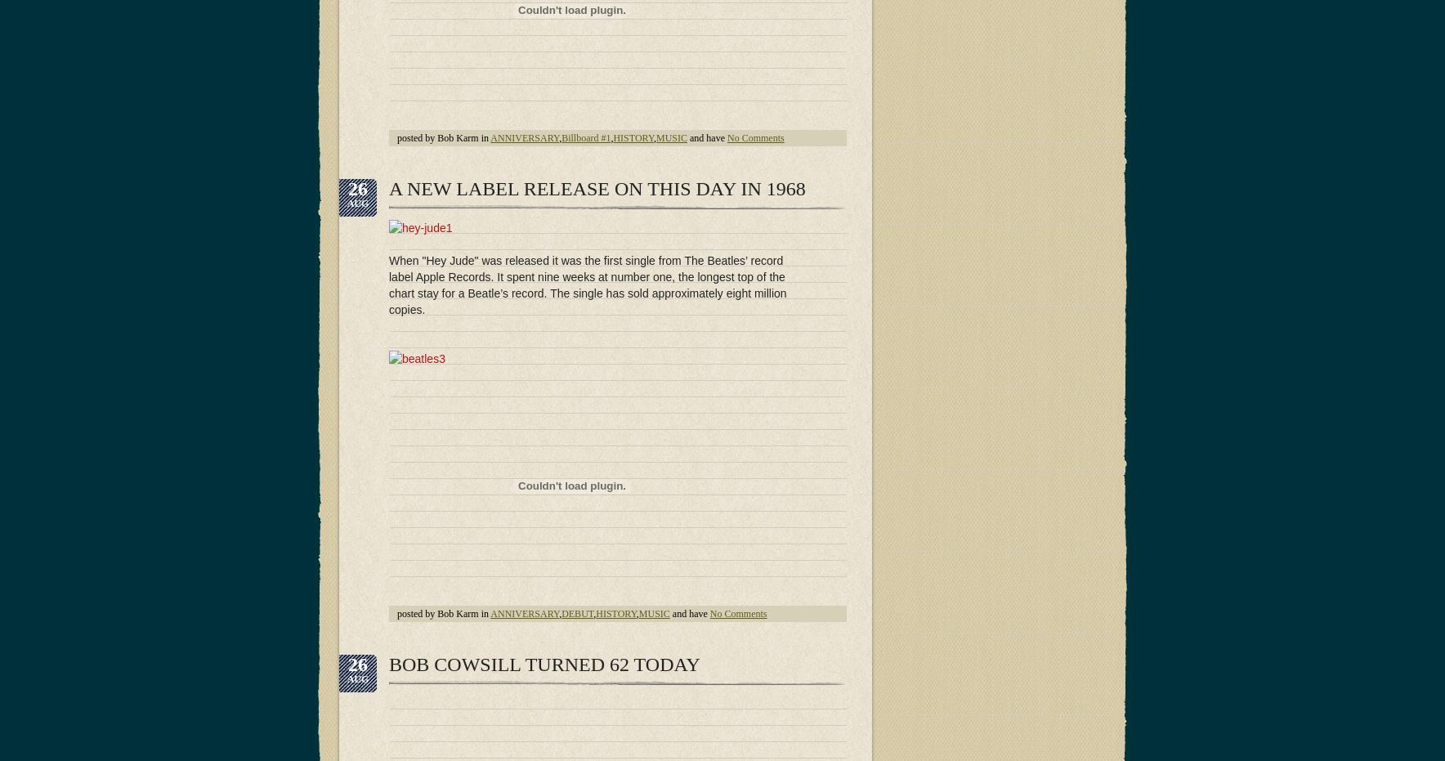 This screenshot has width=1445, height=761. I want to click on 'Billboard #1', so click(585, 137).